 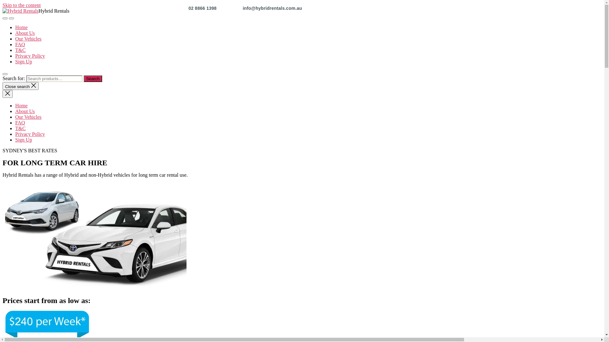 I want to click on 'Privacy Policy', so click(x=30, y=134).